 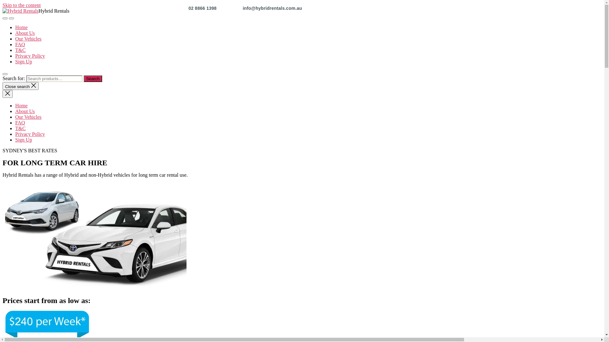 I want to click on 'Privacy Policy', so click(x=30, y=134).